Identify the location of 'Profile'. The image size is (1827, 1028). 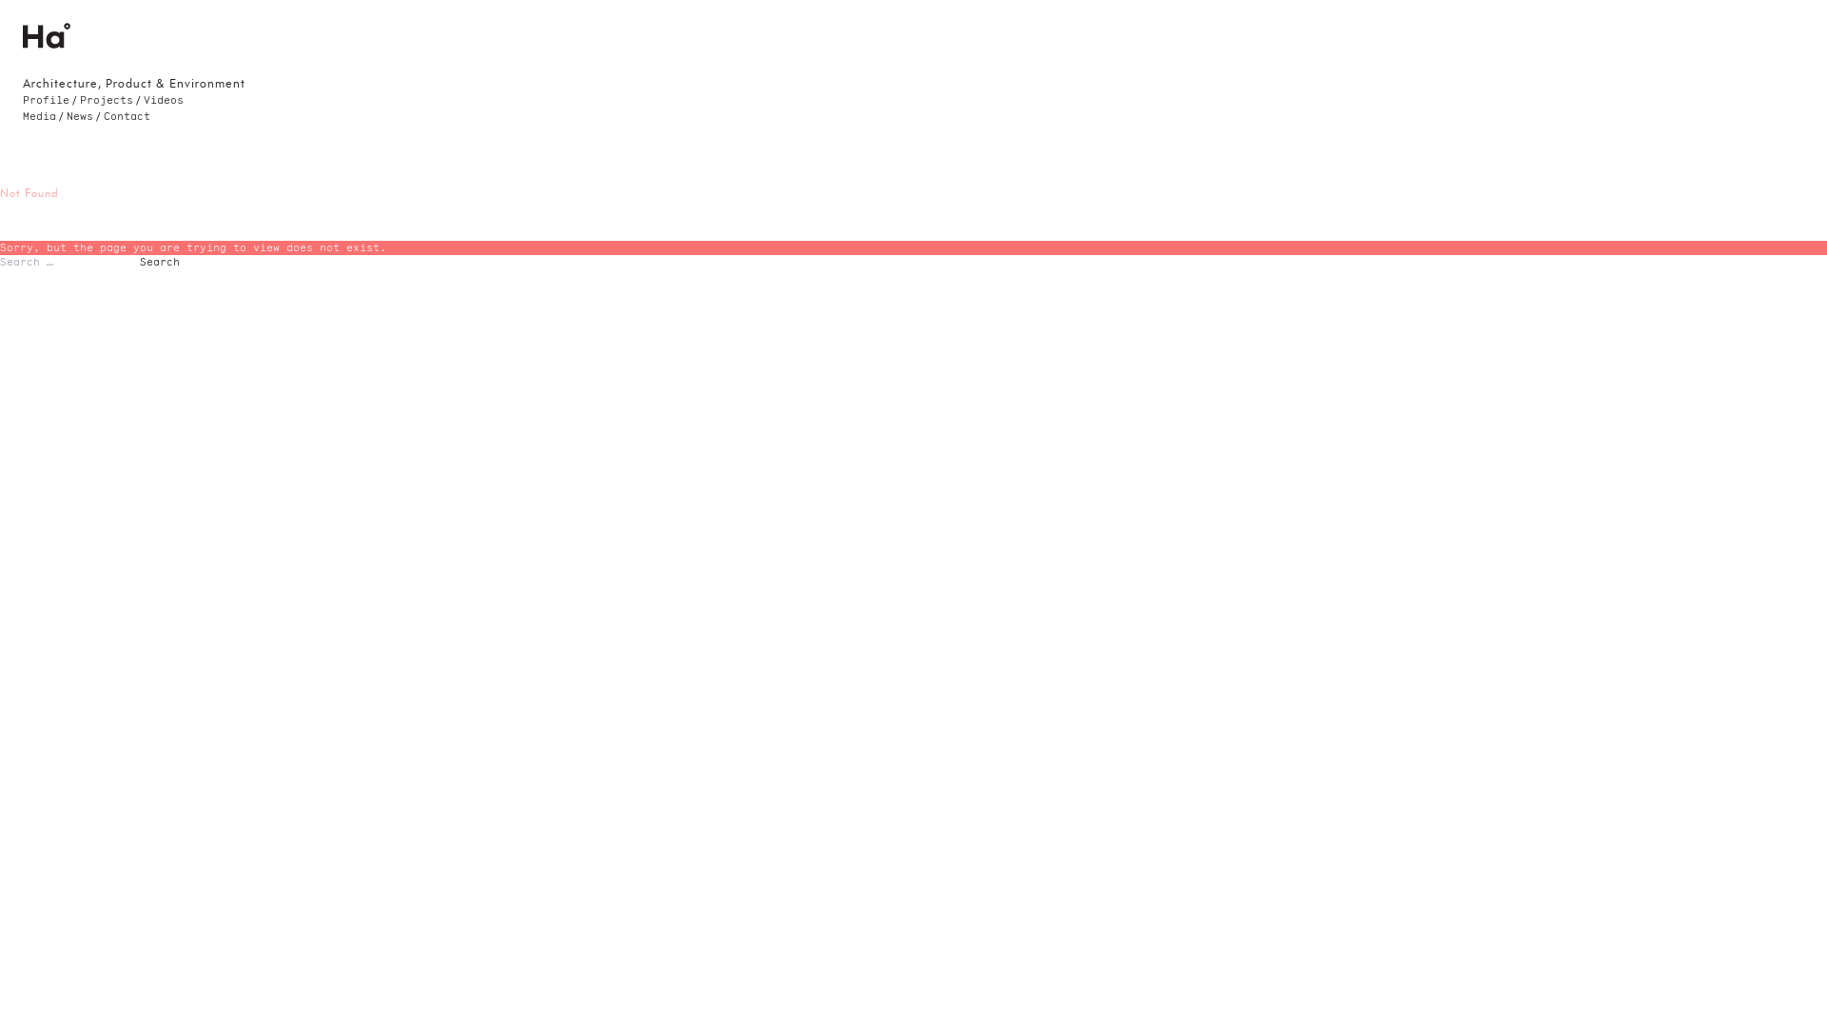
(46, 99).